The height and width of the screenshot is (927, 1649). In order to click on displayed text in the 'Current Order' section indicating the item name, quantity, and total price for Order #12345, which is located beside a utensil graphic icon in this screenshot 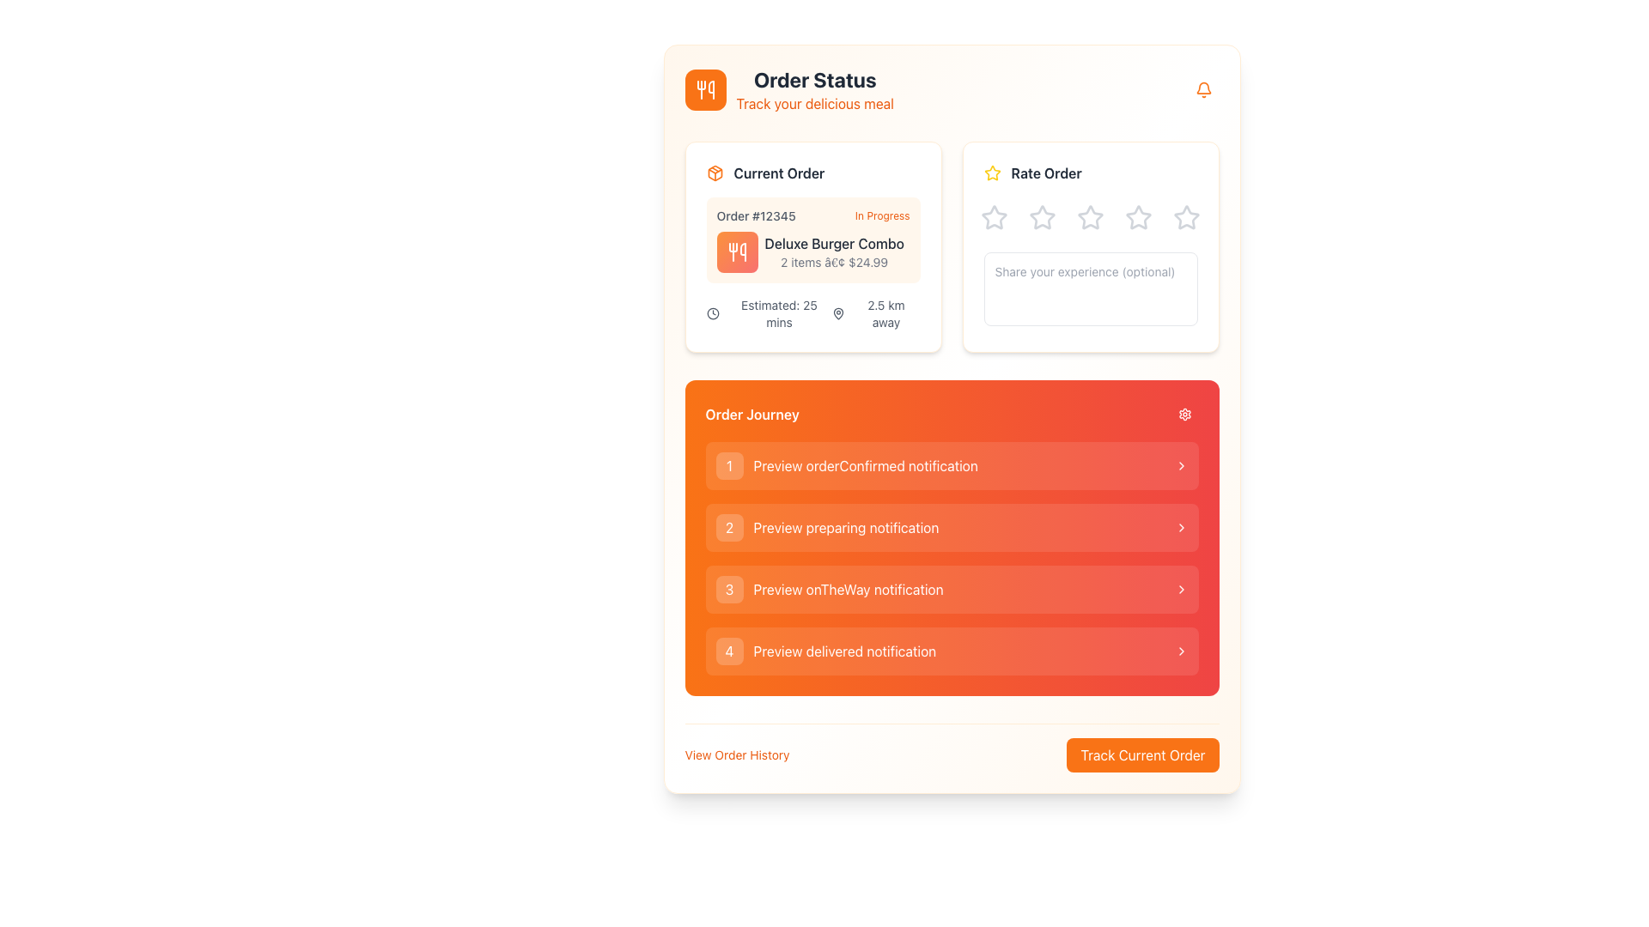, I will do `click(834, 251)`.